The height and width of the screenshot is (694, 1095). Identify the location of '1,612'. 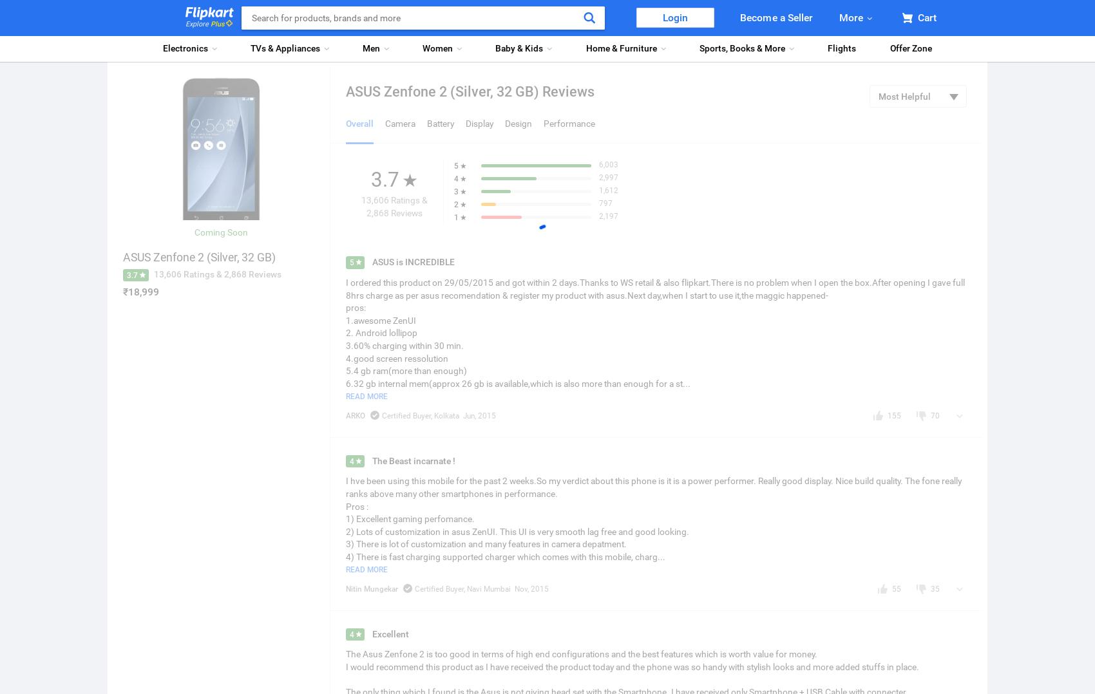
(609, 191).